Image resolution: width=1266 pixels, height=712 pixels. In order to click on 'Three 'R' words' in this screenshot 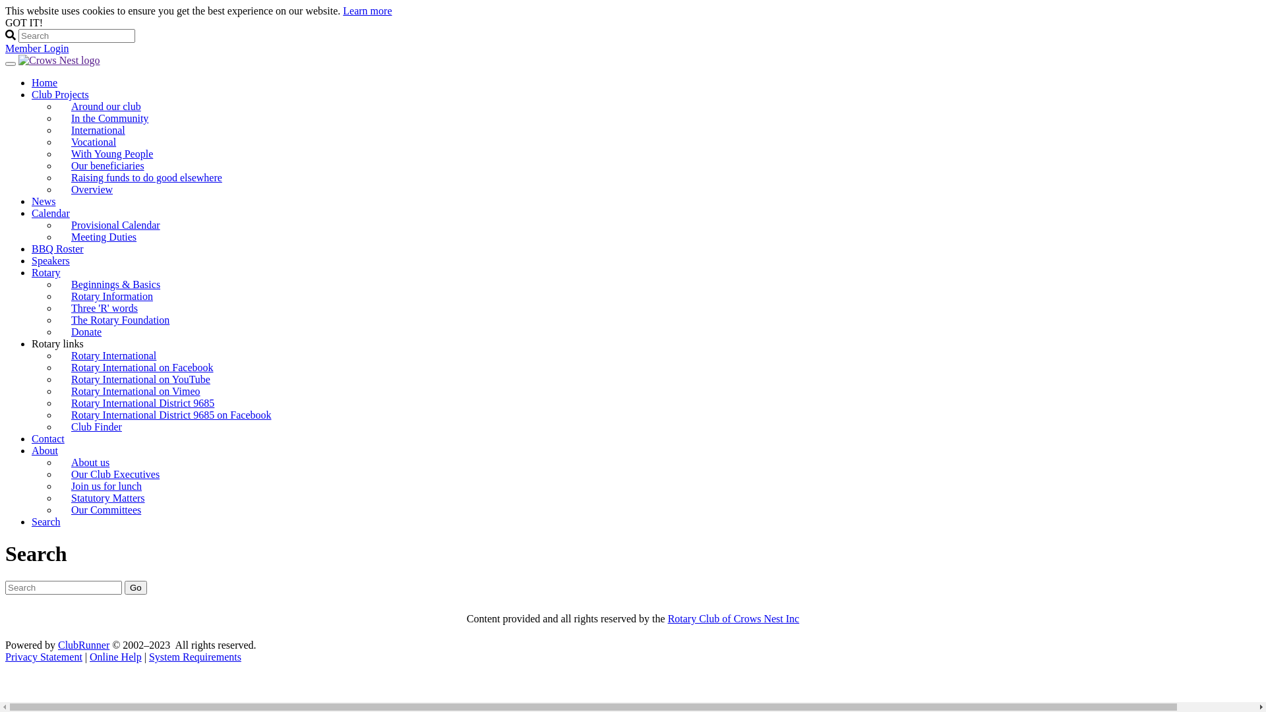, I will do `click(104, 308)`.